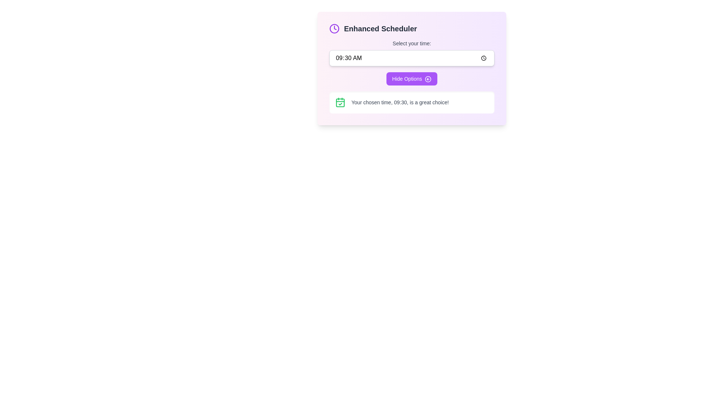 The height and width of the screenshot is (398, 708). Describe the element at coordinates (412, 52) in the screenshot. I see `the interactive time input field of the Time selection component located below the 'Enhanced Scheduler' header` at that location.